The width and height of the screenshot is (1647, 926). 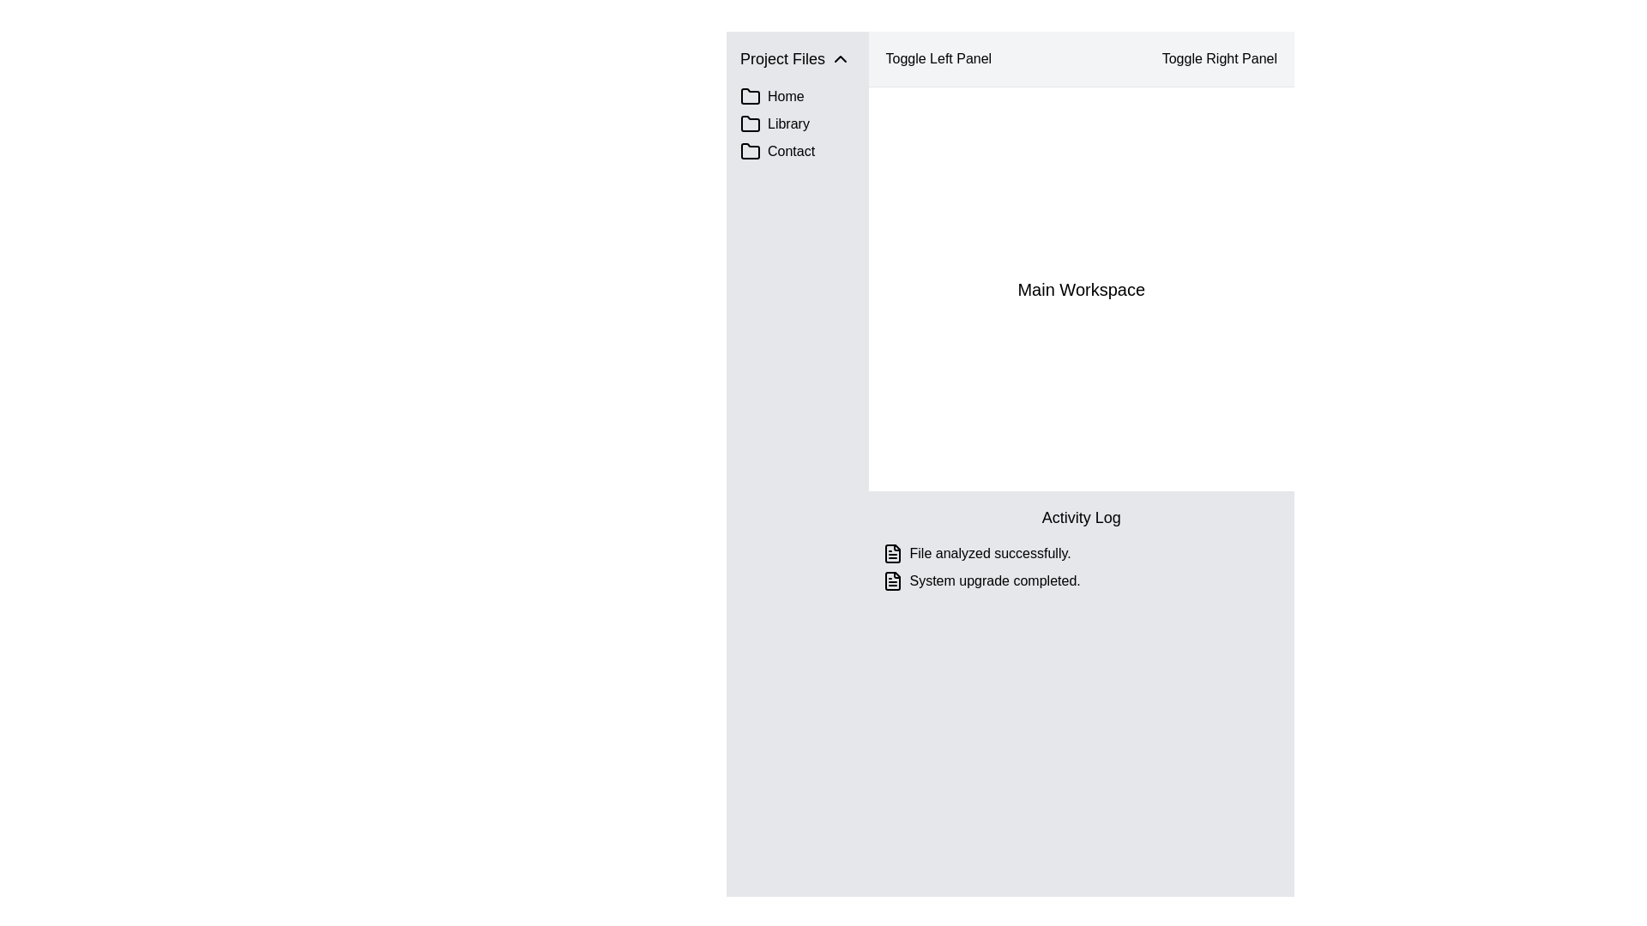 I want to click on the 'Contact' navigation link in the vertical menu, so click(x=796, y=151).